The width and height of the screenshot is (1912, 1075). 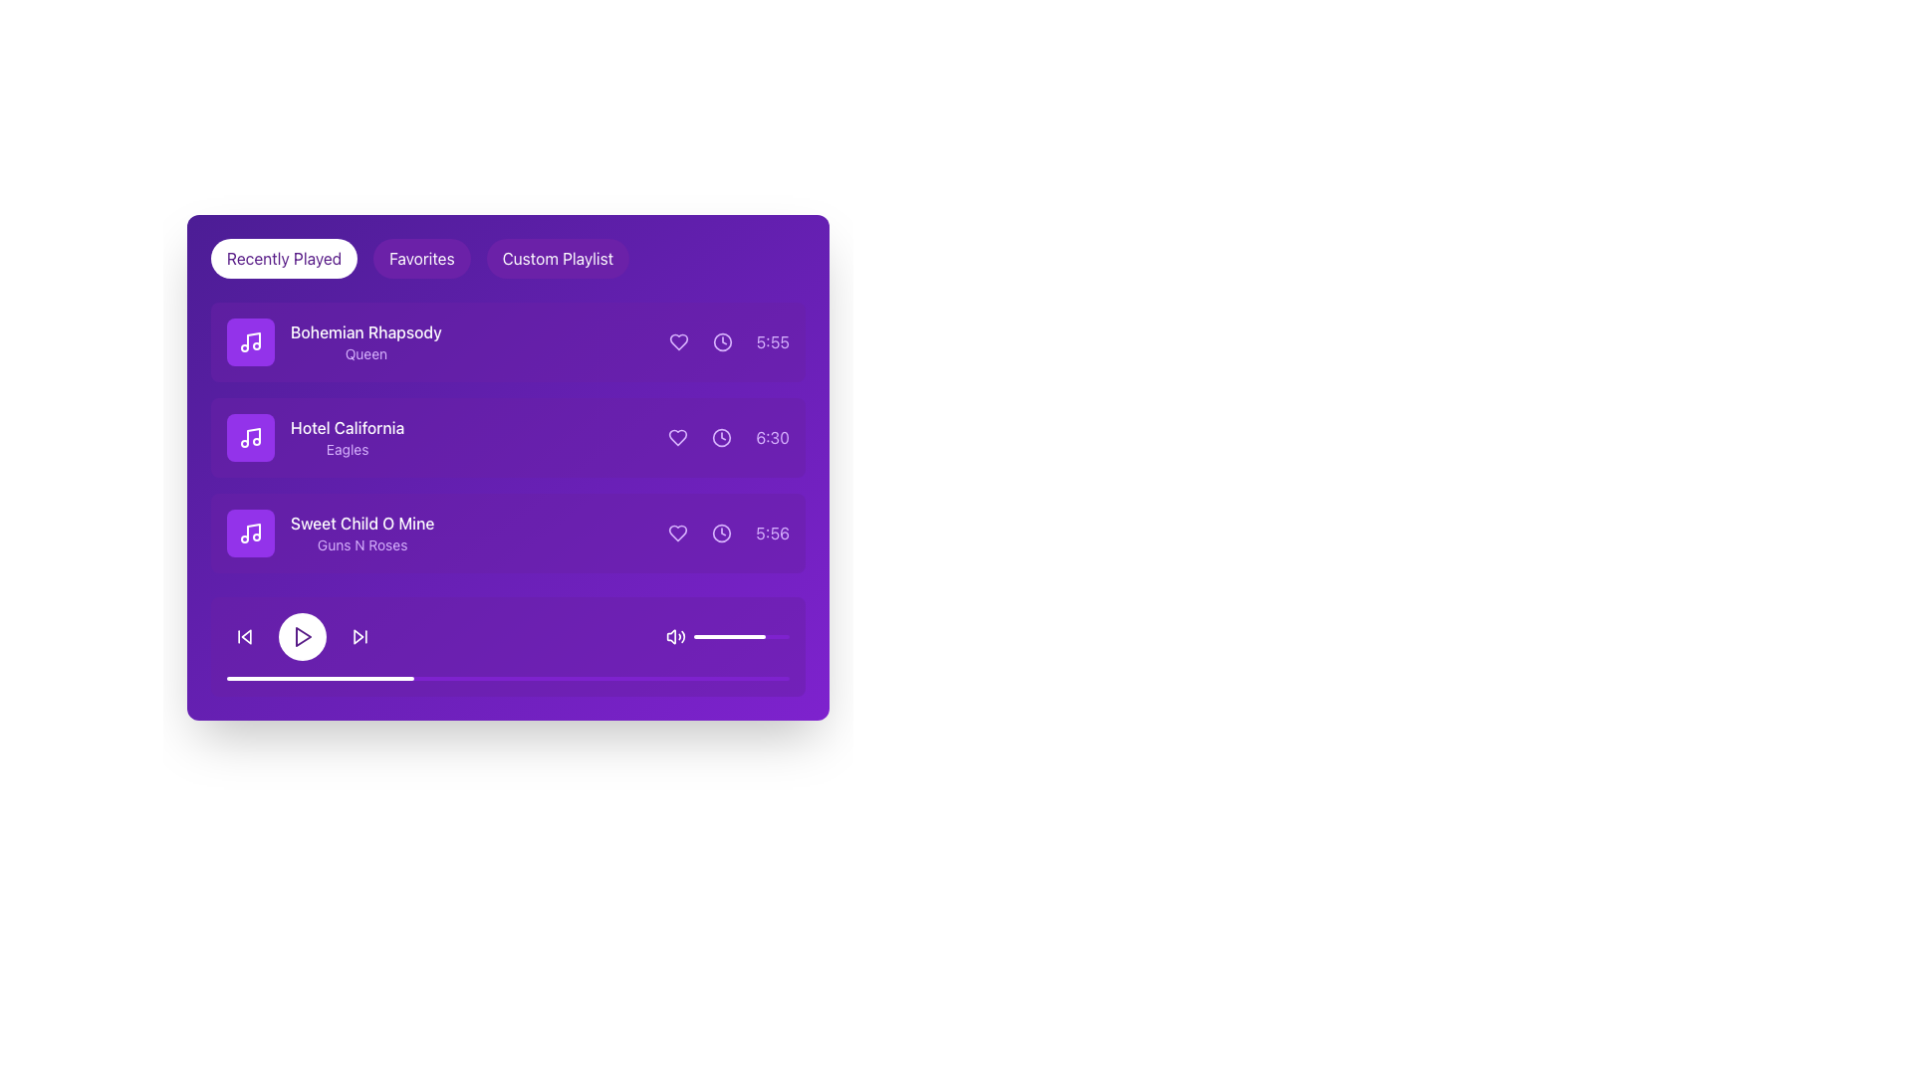 I want to click on the text label displaying the duration of 'Bohemian Rhapsody' in the playlist UI, positioned to the right of the clock icon, so click(x=772, y=340).